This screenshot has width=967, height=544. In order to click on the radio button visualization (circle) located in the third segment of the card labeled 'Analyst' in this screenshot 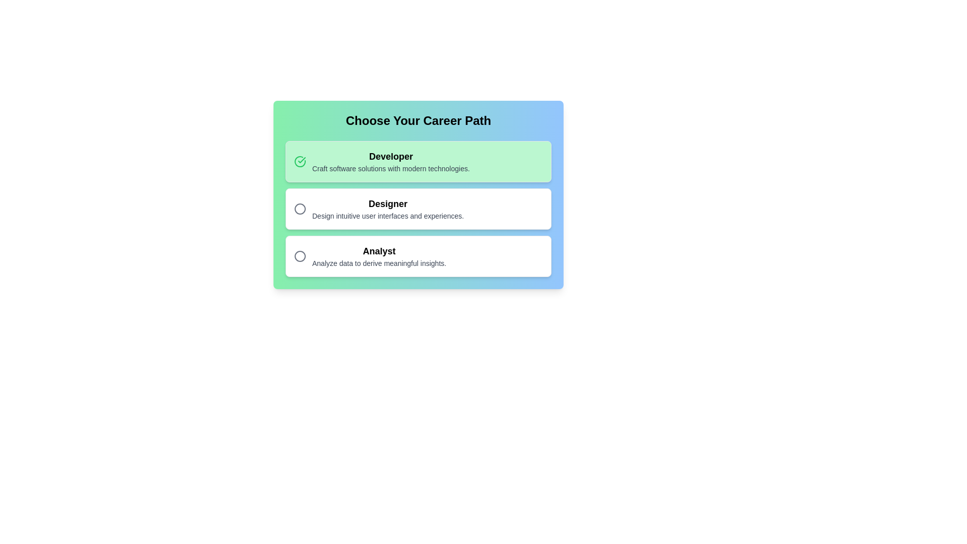, I will do `click(299, 256)`.